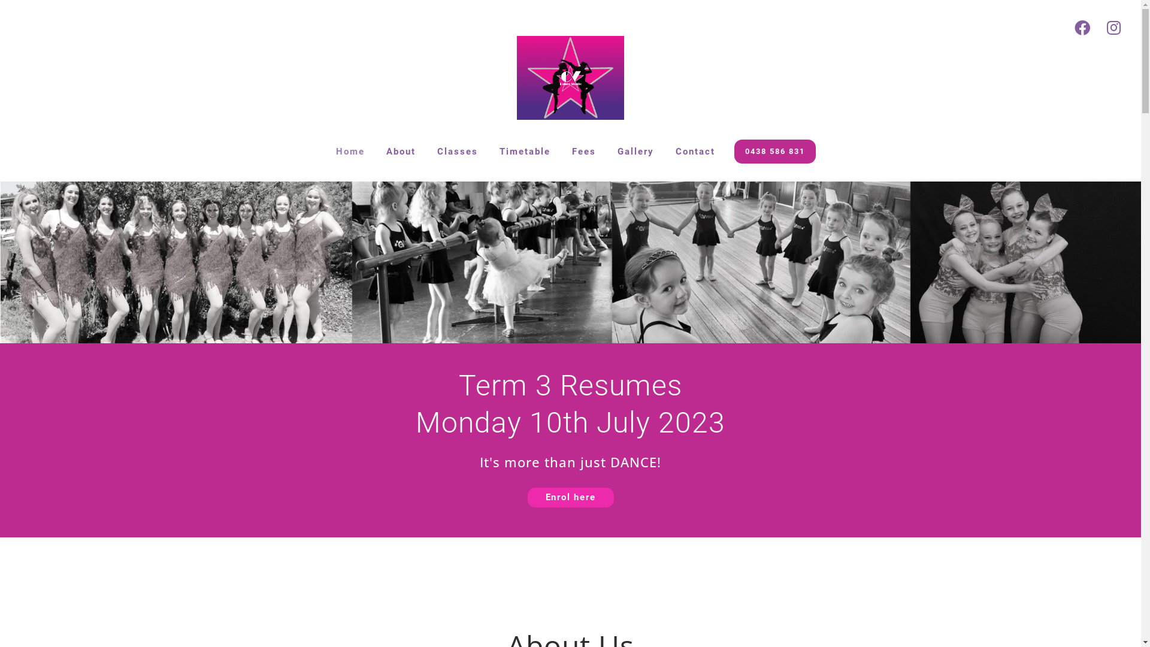  I want to click on 'Facebook', so click(1066, 27).